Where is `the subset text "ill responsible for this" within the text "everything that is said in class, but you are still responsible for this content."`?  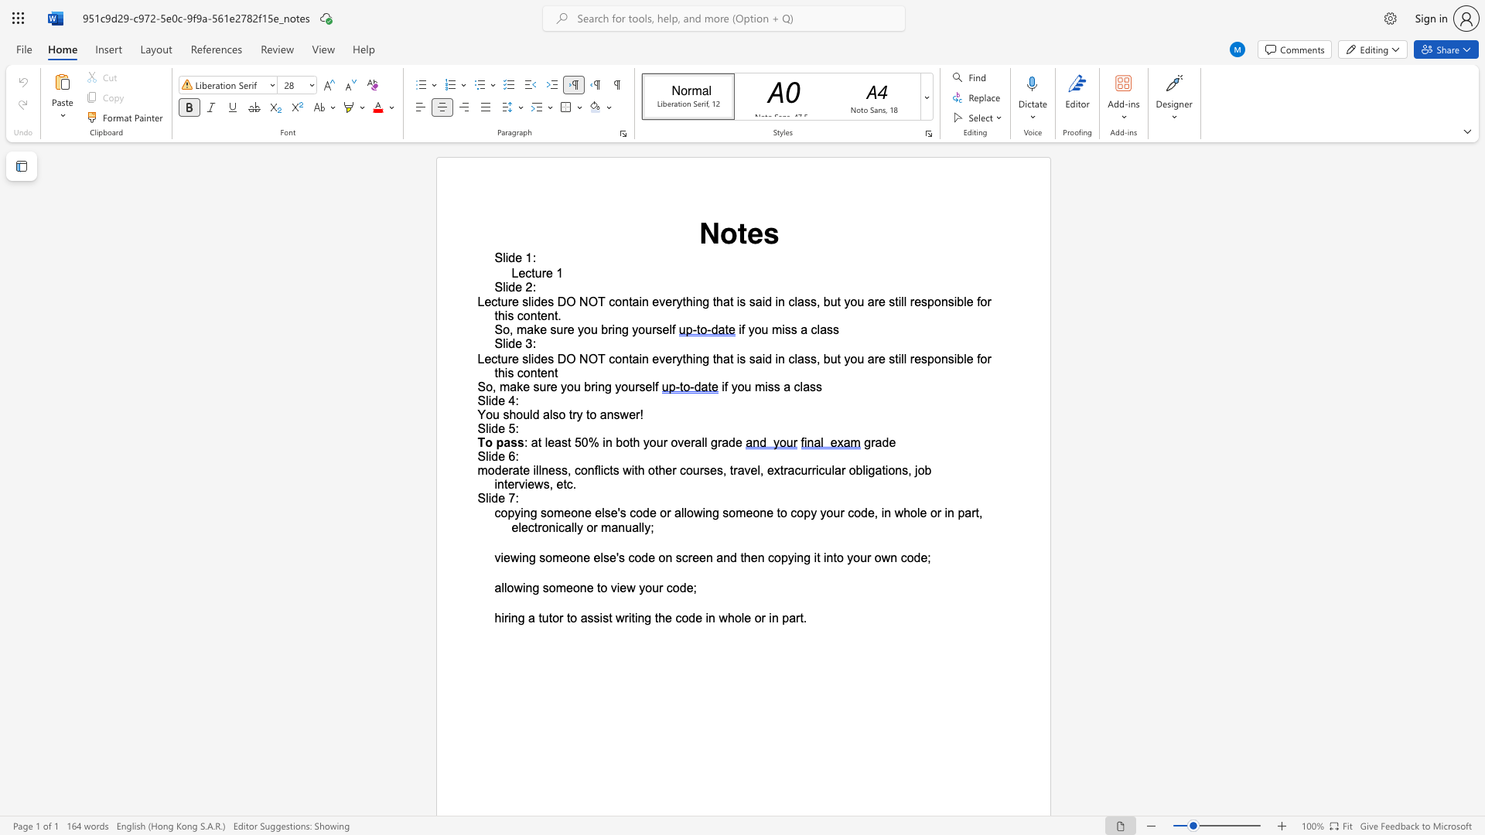 the subset text "ill responsible for this" within the text "everything that is said in class, but you are still responsible for this content." is located at coordinates (898, 302).